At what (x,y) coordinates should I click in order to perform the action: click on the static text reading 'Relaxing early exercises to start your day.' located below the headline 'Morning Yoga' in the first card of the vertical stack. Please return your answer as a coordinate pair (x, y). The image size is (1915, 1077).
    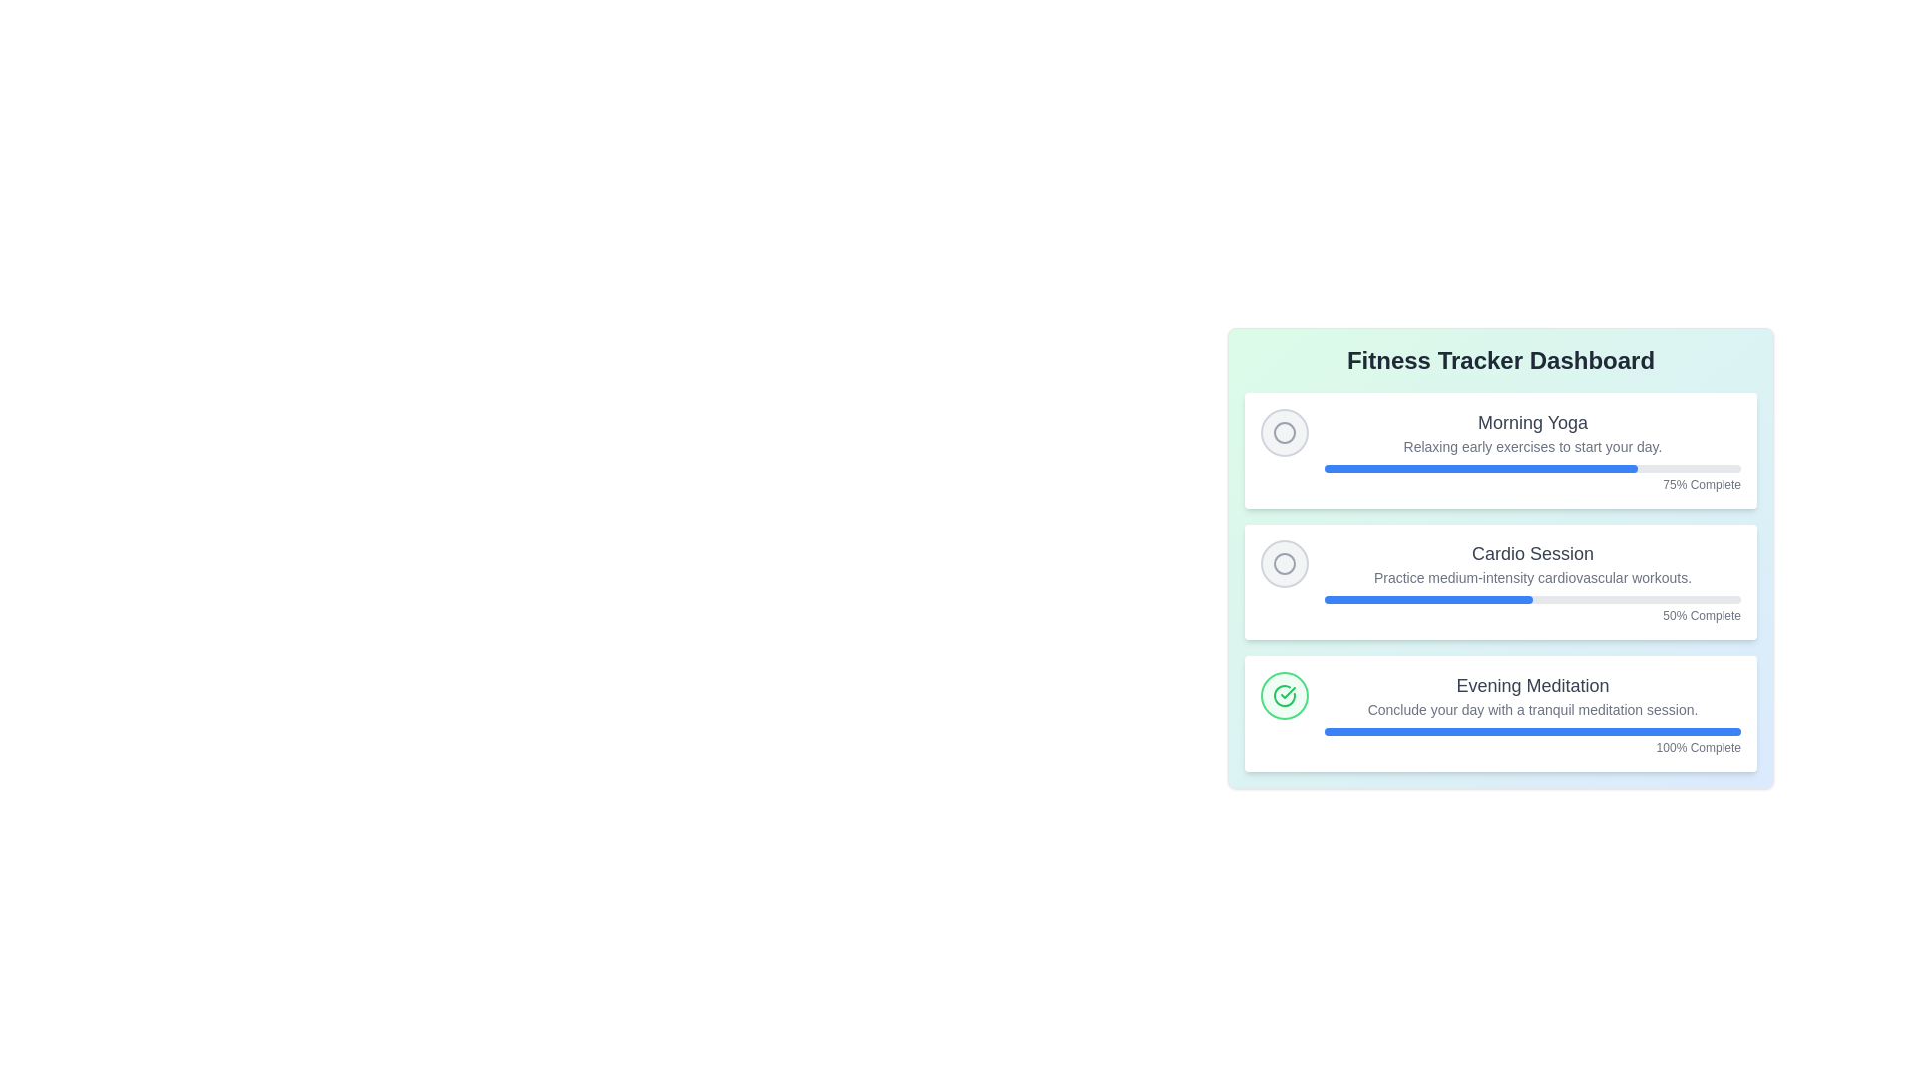
    Looking at the image, I should click on (1531, 445).